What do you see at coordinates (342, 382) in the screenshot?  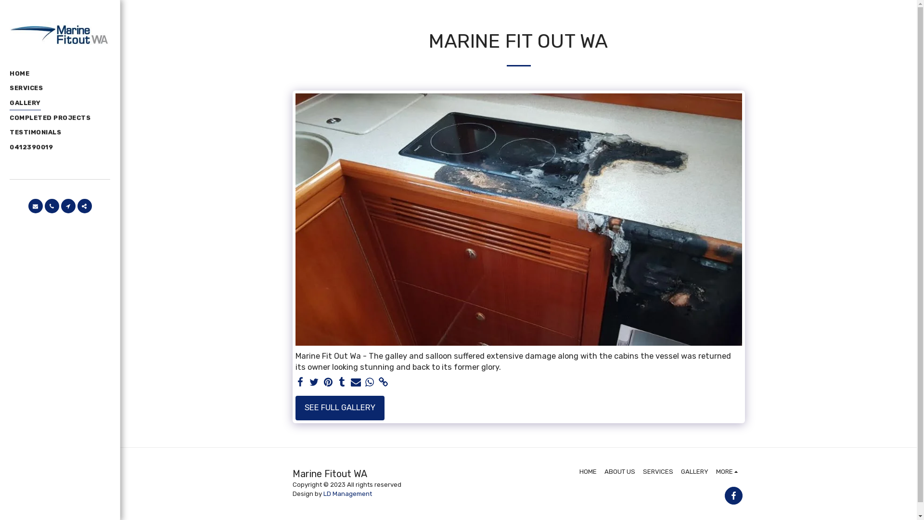 I see `' '` at bounding box center [342, 382].